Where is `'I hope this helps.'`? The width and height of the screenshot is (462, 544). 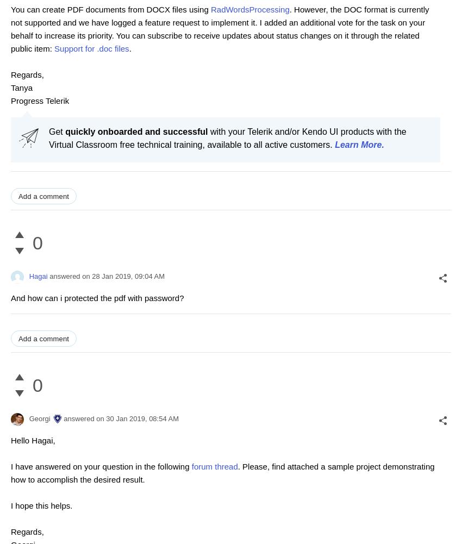
'I hope this helps.' is located at coordinates (41, 505).